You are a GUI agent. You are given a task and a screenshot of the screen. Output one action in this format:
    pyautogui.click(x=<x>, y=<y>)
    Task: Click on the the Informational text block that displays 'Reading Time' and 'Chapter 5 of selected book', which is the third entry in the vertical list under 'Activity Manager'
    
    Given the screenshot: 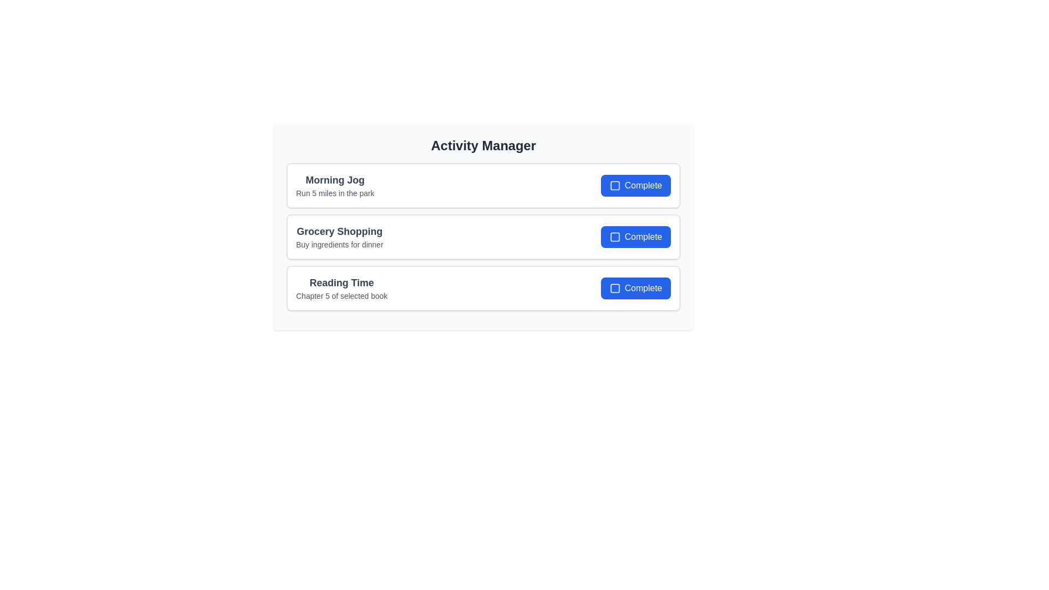 What is the action you would take?
    pyautogui.click(x=341, y=288)
    